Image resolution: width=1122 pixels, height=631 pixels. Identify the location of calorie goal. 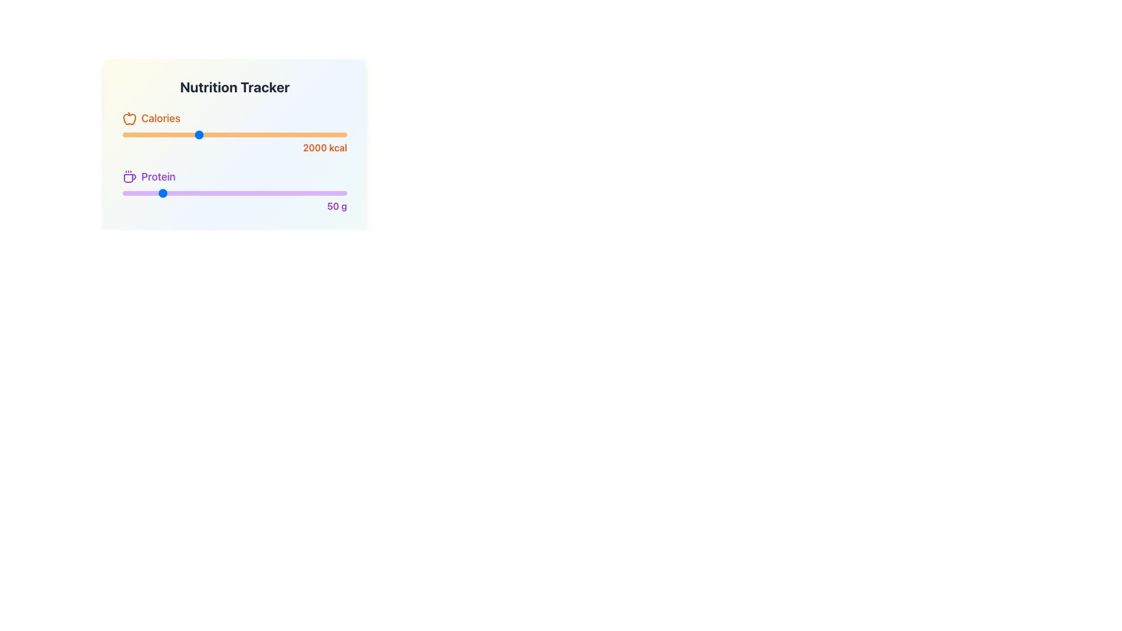
(195, 134).